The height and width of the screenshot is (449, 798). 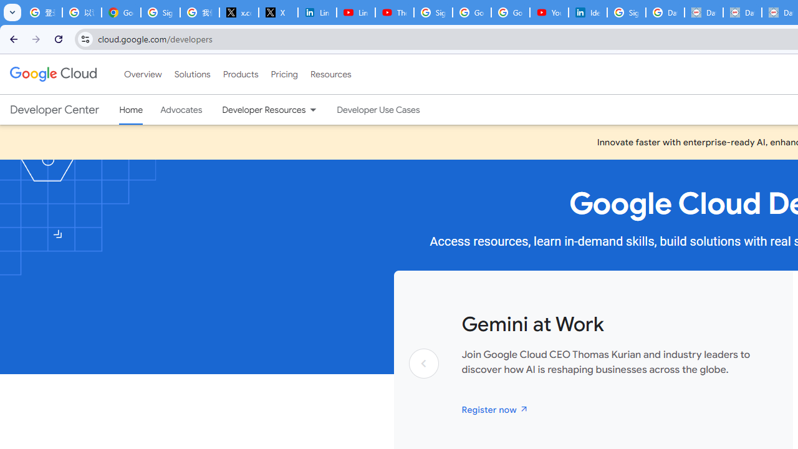 I want to click on 'Products', so click(x=240, y=74).